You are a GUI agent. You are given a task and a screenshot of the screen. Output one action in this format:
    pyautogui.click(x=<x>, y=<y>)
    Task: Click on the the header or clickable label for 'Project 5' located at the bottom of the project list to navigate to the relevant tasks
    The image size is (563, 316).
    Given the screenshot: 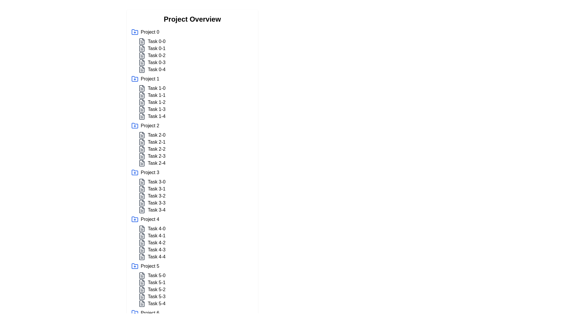 What is the action you would take?
    pyautogui.click(x=192, y=266)
    